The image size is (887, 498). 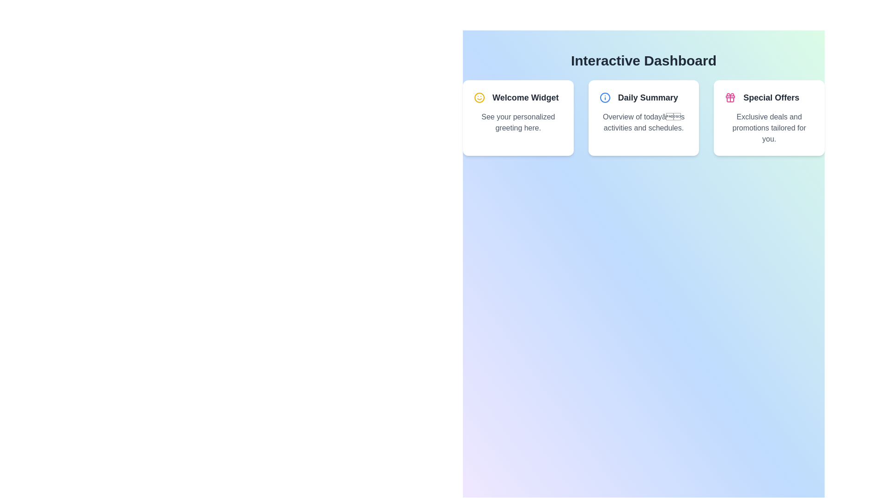 What do you see at coordinates (479, 98) in the screenshot?
I see `the Decorative Icon located at the leftmost side of the 'Welcome Widget' card, adjacent to the card's title text 'Welcome Widget'` at bounding box center [479, 98].